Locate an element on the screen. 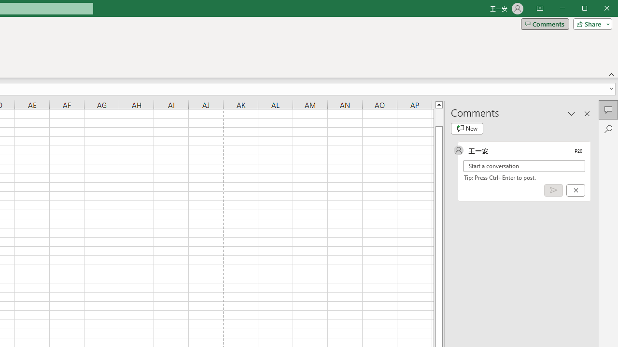 The width and height of the screenshot is (618, 347). 'New comment' is located at coordinates (467, 128).